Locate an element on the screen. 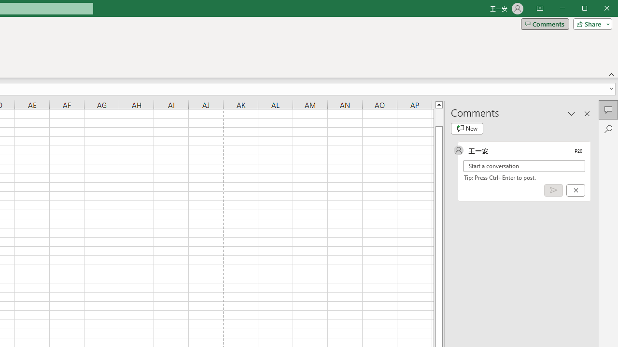 The width and height of the screenshot is (618, 347). 'New comment' is located at coordinates (467, 128).